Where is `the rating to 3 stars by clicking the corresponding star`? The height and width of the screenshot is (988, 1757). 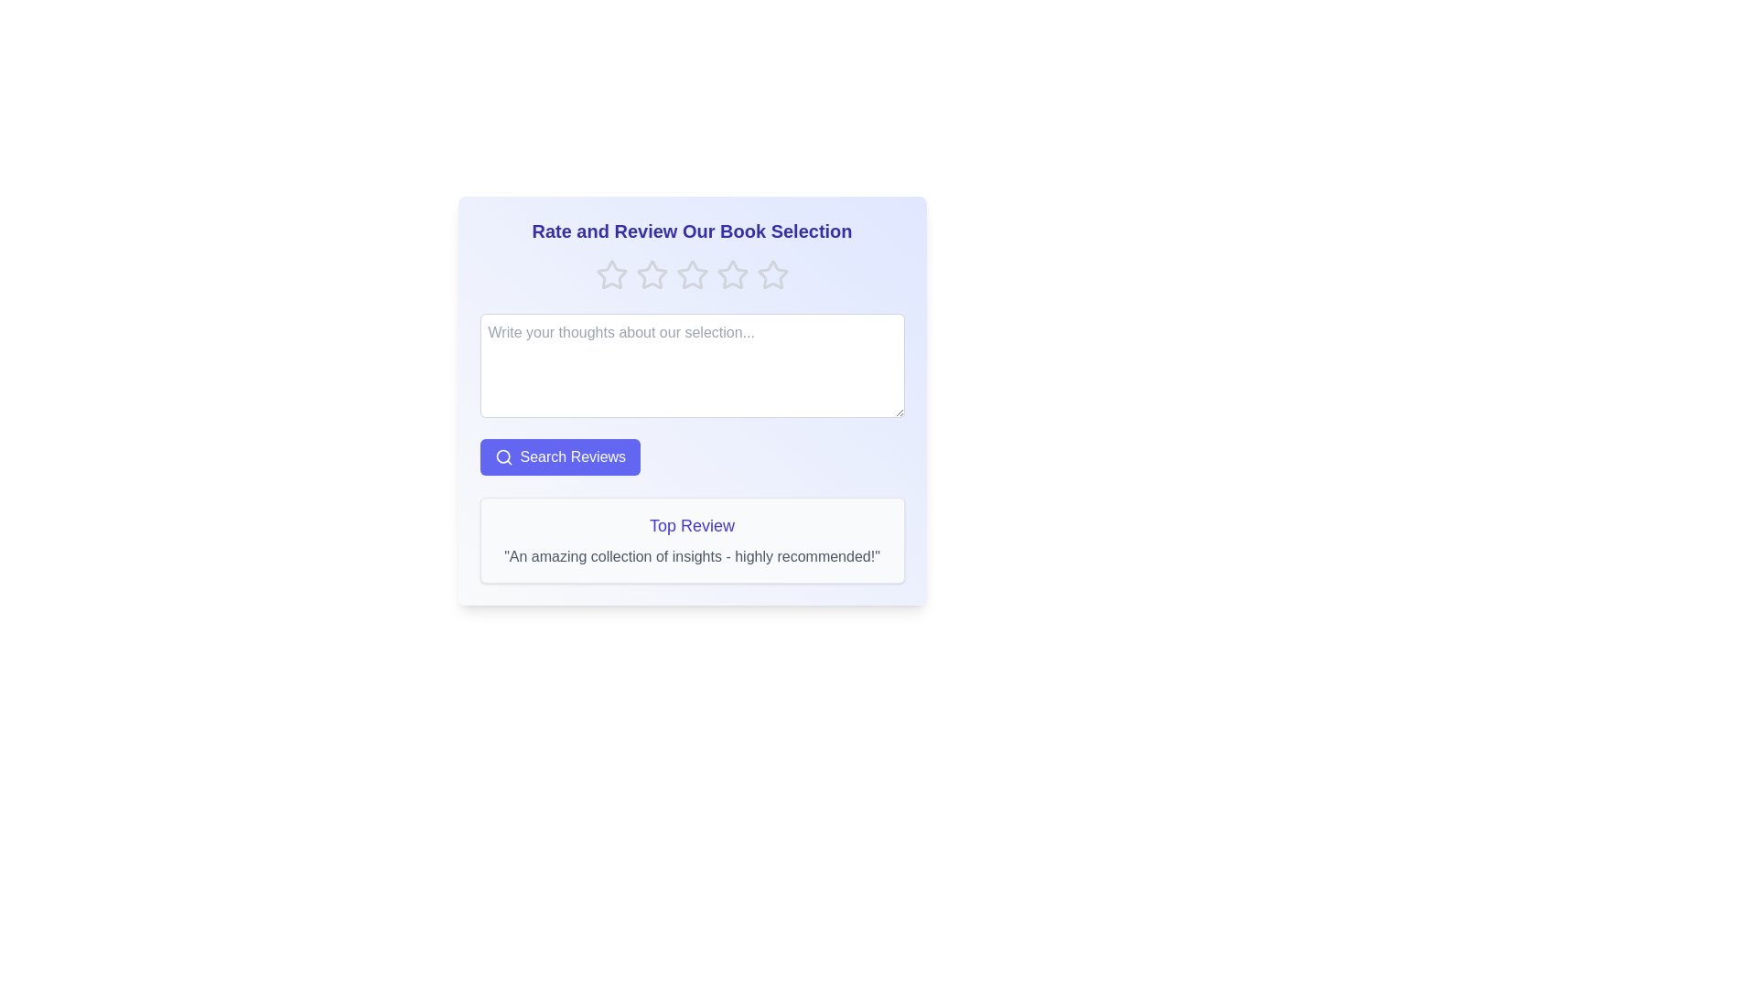 the rating to 3 stars by clicking the corresponding star is located at coordinates (691, 274).